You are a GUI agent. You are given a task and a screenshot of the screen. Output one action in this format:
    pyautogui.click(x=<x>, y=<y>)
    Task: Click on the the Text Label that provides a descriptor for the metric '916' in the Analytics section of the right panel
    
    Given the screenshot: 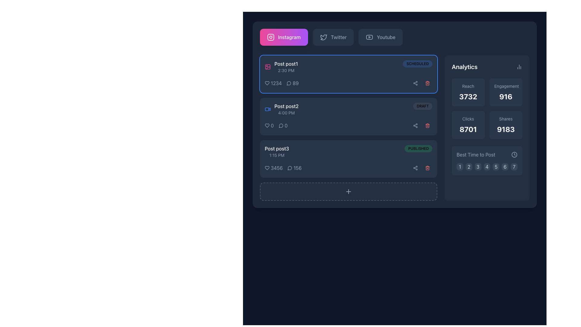 What is the action you would take?
    pyautogui.click(x=506, y=86)
    